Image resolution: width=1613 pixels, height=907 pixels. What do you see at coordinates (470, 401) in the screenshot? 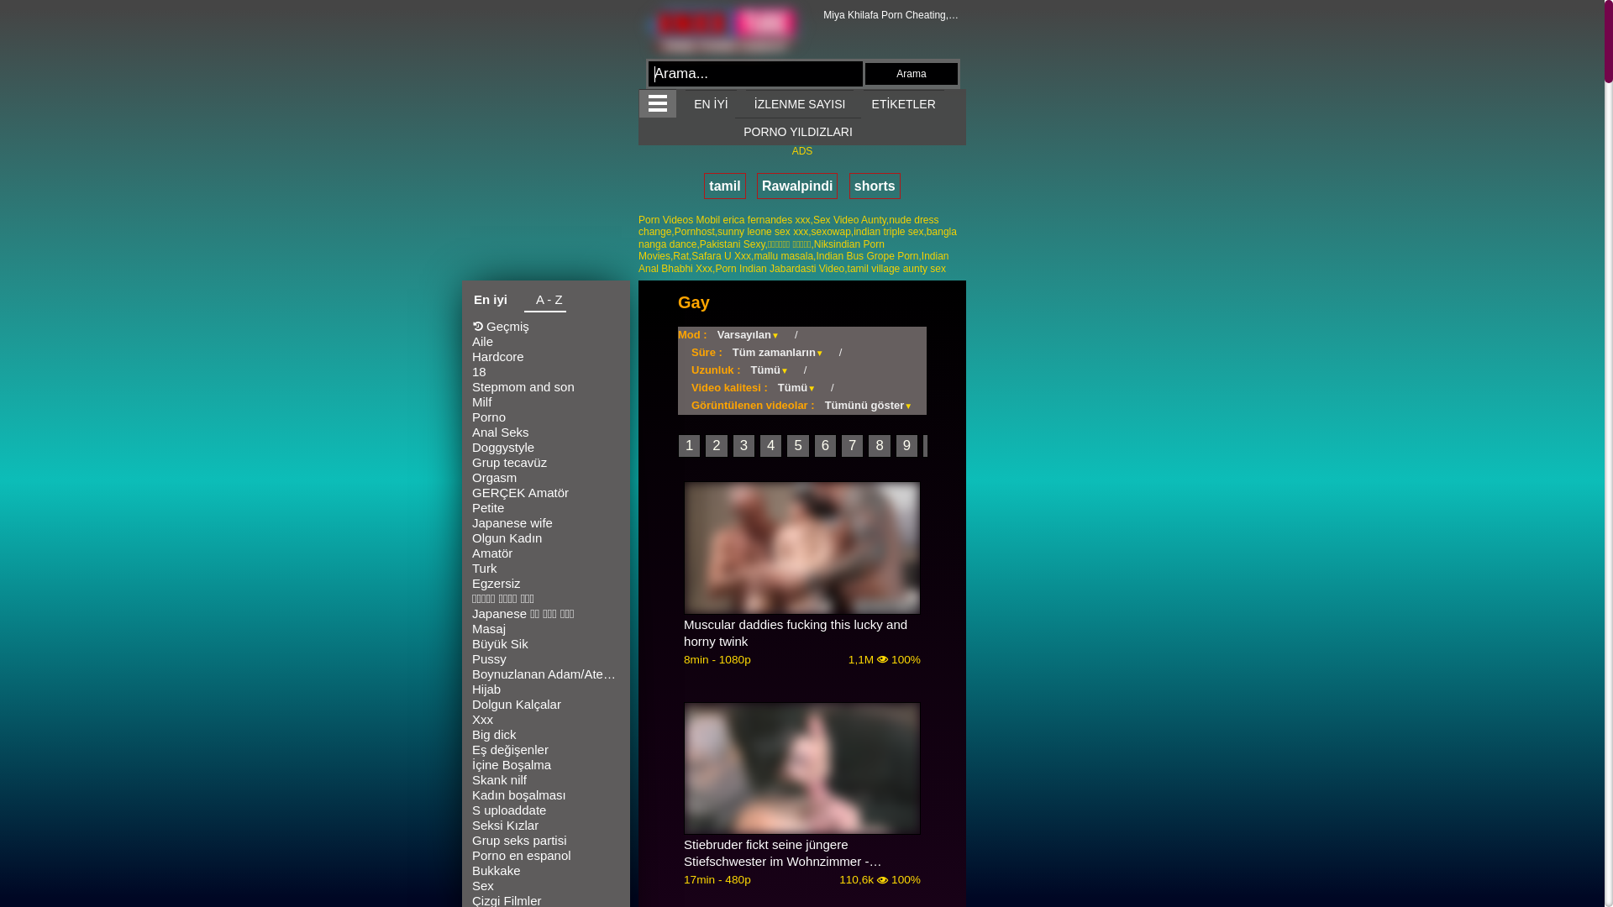
I see `'Milf'` at bounding box center [470, 401].